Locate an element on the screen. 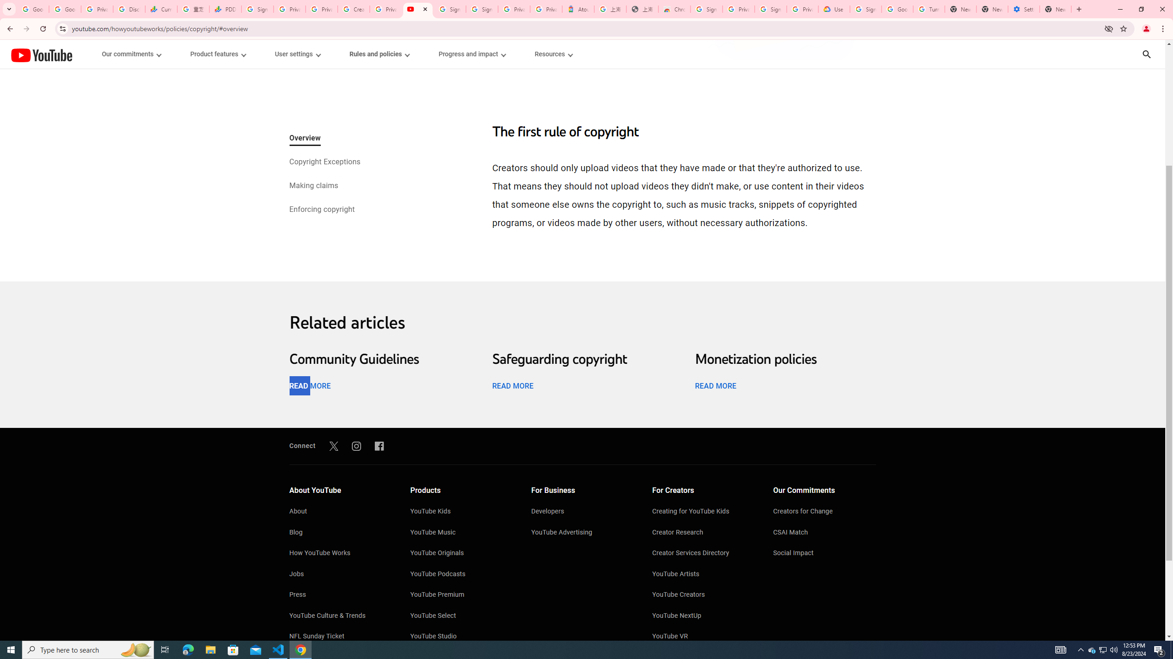 The image size is (1173, 659). 'Creating for YouTube Kids' is located at coordinates (704, 512).